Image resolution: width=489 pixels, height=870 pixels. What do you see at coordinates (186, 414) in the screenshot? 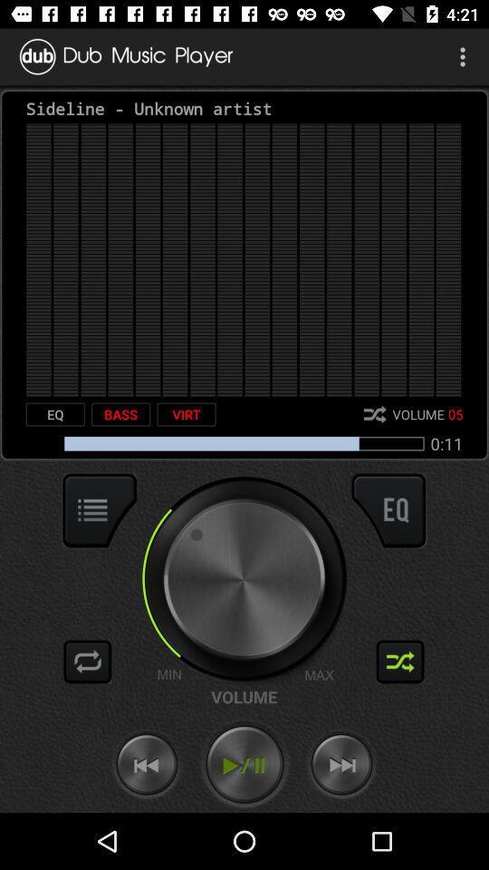
I see `the item next to the  bass  item` at bounding box center [186, 414].